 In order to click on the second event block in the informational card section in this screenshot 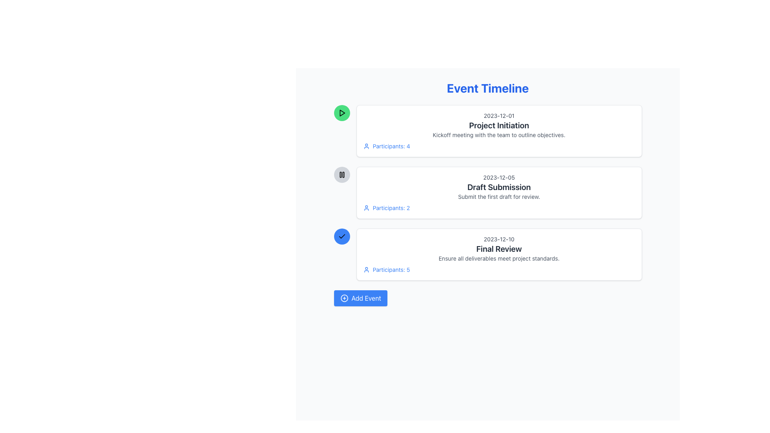, I will do `click(487, 193)`.